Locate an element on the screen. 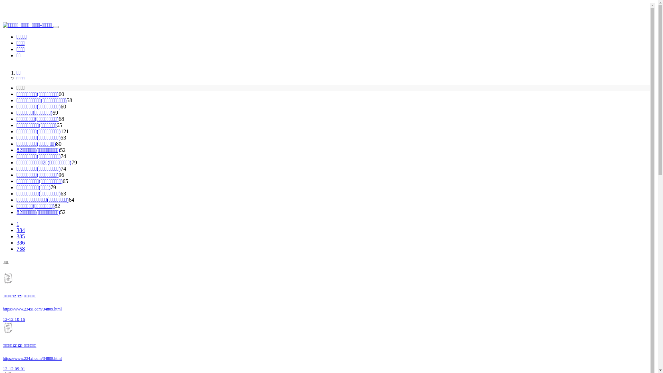 This screenshot has height=373, width=663. '758' is located at coordinates (20, 249).